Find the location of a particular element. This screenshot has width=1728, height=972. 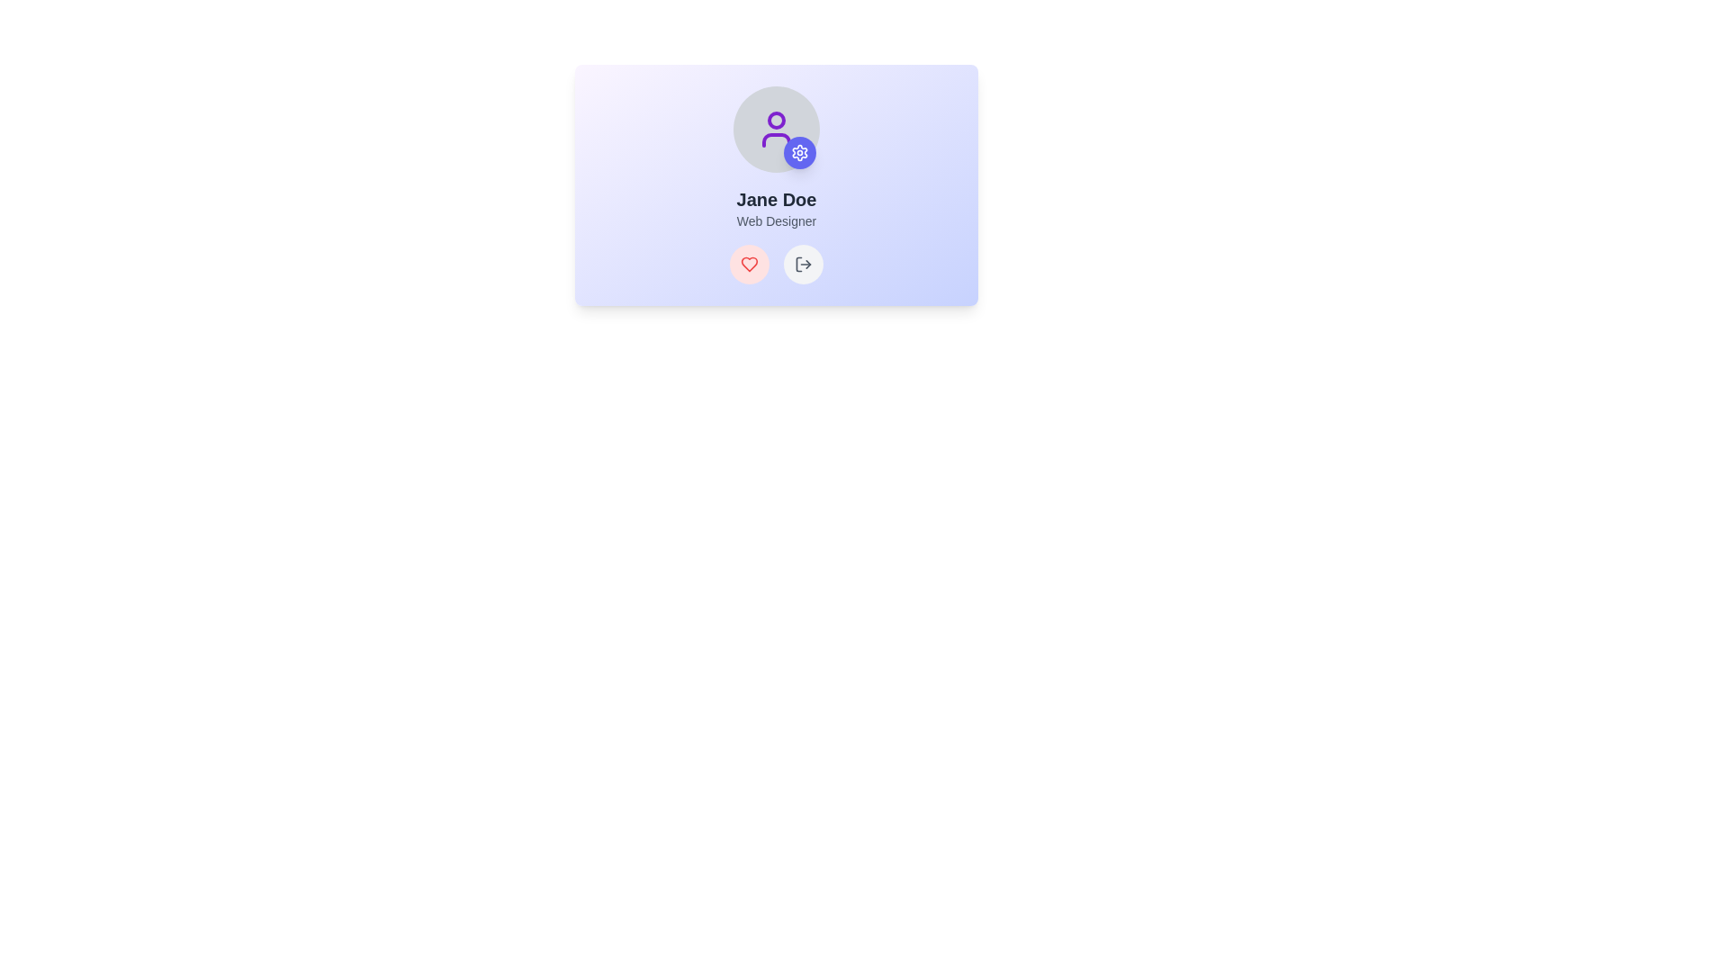

the rightward arrow icon button, which is located at the bottom right of the main card interface is located at coordinates (802, 264).